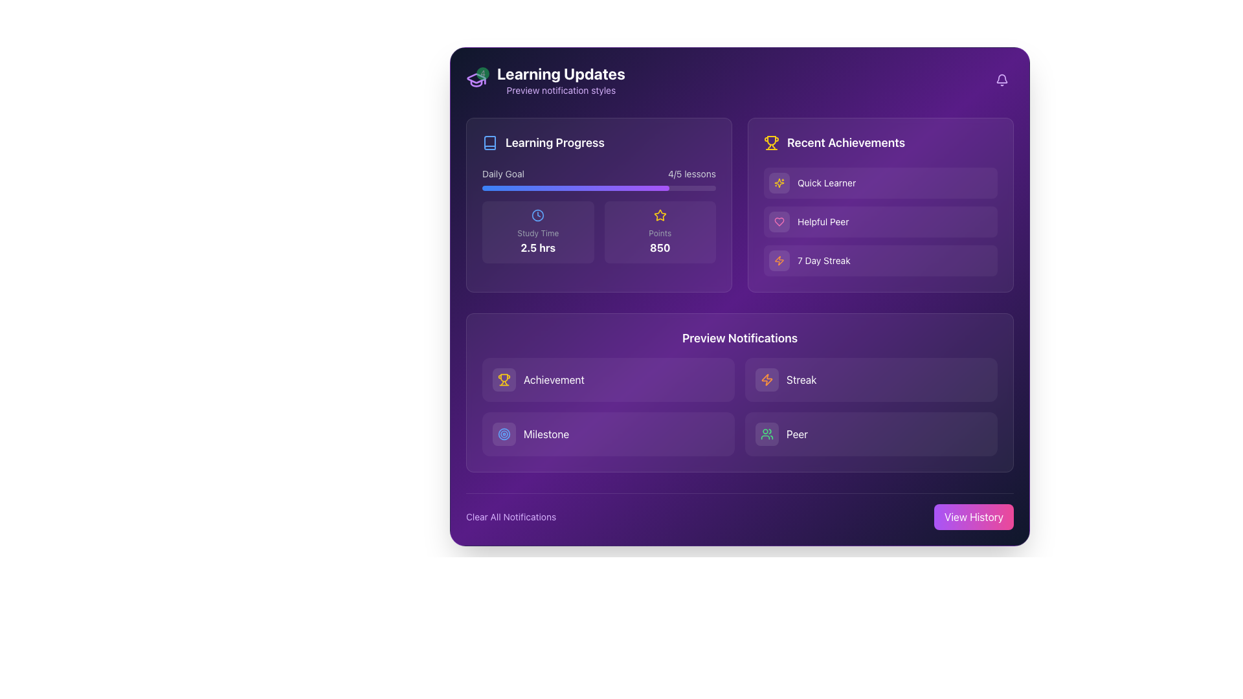  What do you see at coordinates (660, 214) in the screenshot?
I see `the star icon representing points or achievements in the 'Learning Progress' section, which is centrally positioned above the labels 'Points' and '850'` at bounding box center [660, 214].